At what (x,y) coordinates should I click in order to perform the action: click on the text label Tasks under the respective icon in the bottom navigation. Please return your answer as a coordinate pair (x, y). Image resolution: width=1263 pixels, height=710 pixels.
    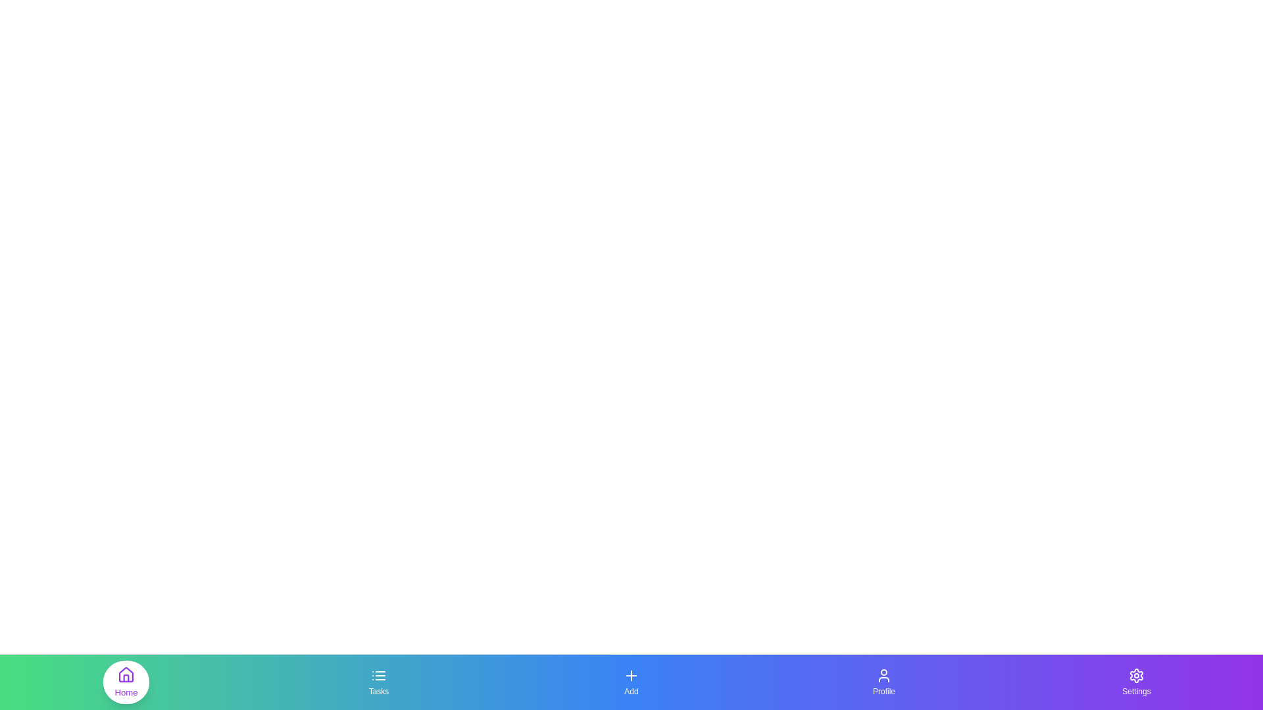
    Looking at the image, I should click on (378, 691).